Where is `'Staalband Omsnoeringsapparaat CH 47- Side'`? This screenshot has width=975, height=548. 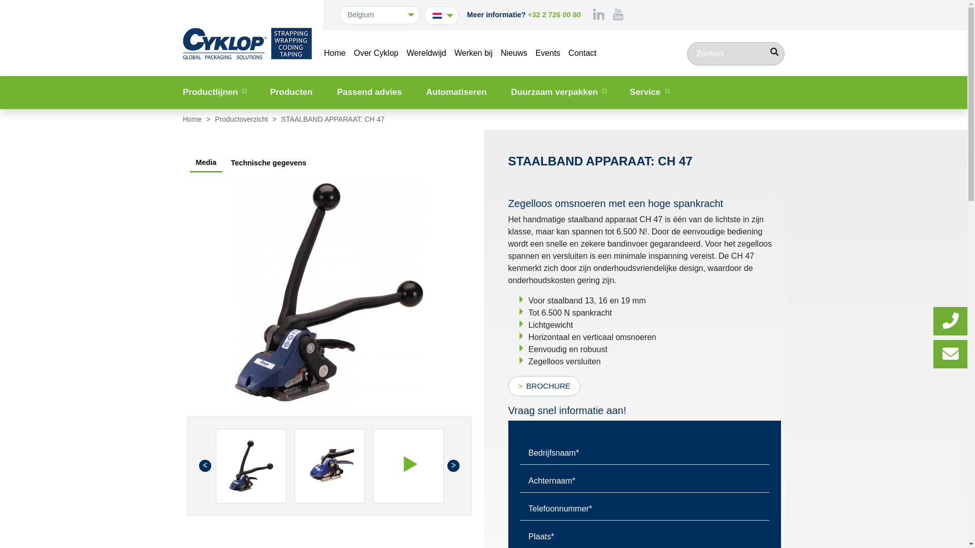
'Staalband Omsnoeringsapparaat CH 47- Side' is located at coordinates (232, 292).